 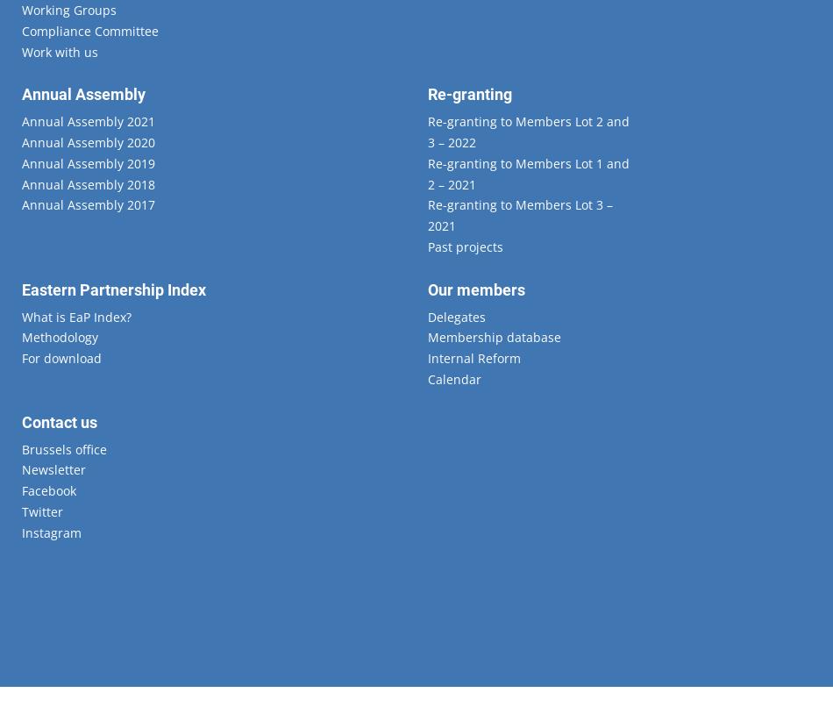 I want to click on 'Internal Reform', so click(x=426, y=358).